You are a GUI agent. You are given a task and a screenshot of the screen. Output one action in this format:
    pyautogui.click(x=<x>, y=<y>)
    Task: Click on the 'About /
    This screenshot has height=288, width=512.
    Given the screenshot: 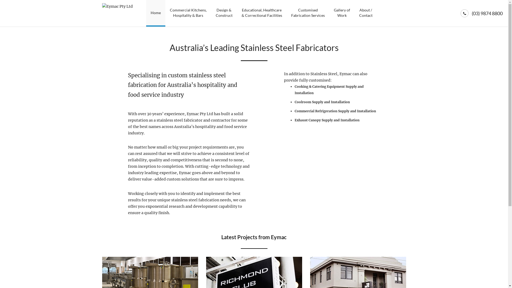 What is the action you would take?
    pyautogui.click(x=366, y=13)
    